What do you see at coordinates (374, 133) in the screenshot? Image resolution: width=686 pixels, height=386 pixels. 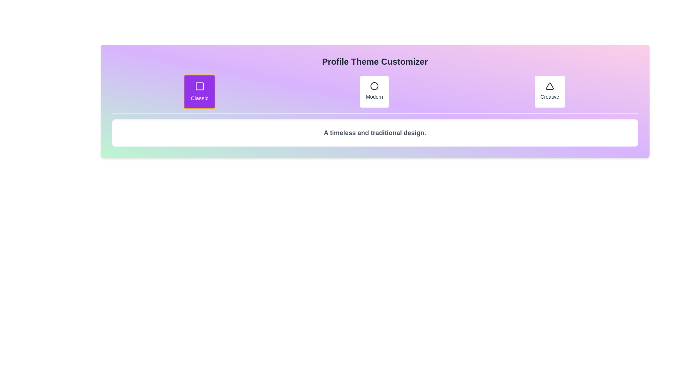 I see `the text block reading 'A timeless and traditional design.' which is centered below the 'Profile Theme Customizer' title and the options 'Classic', 'Modern', and 'Creative'` at bounding box center [374, 133].